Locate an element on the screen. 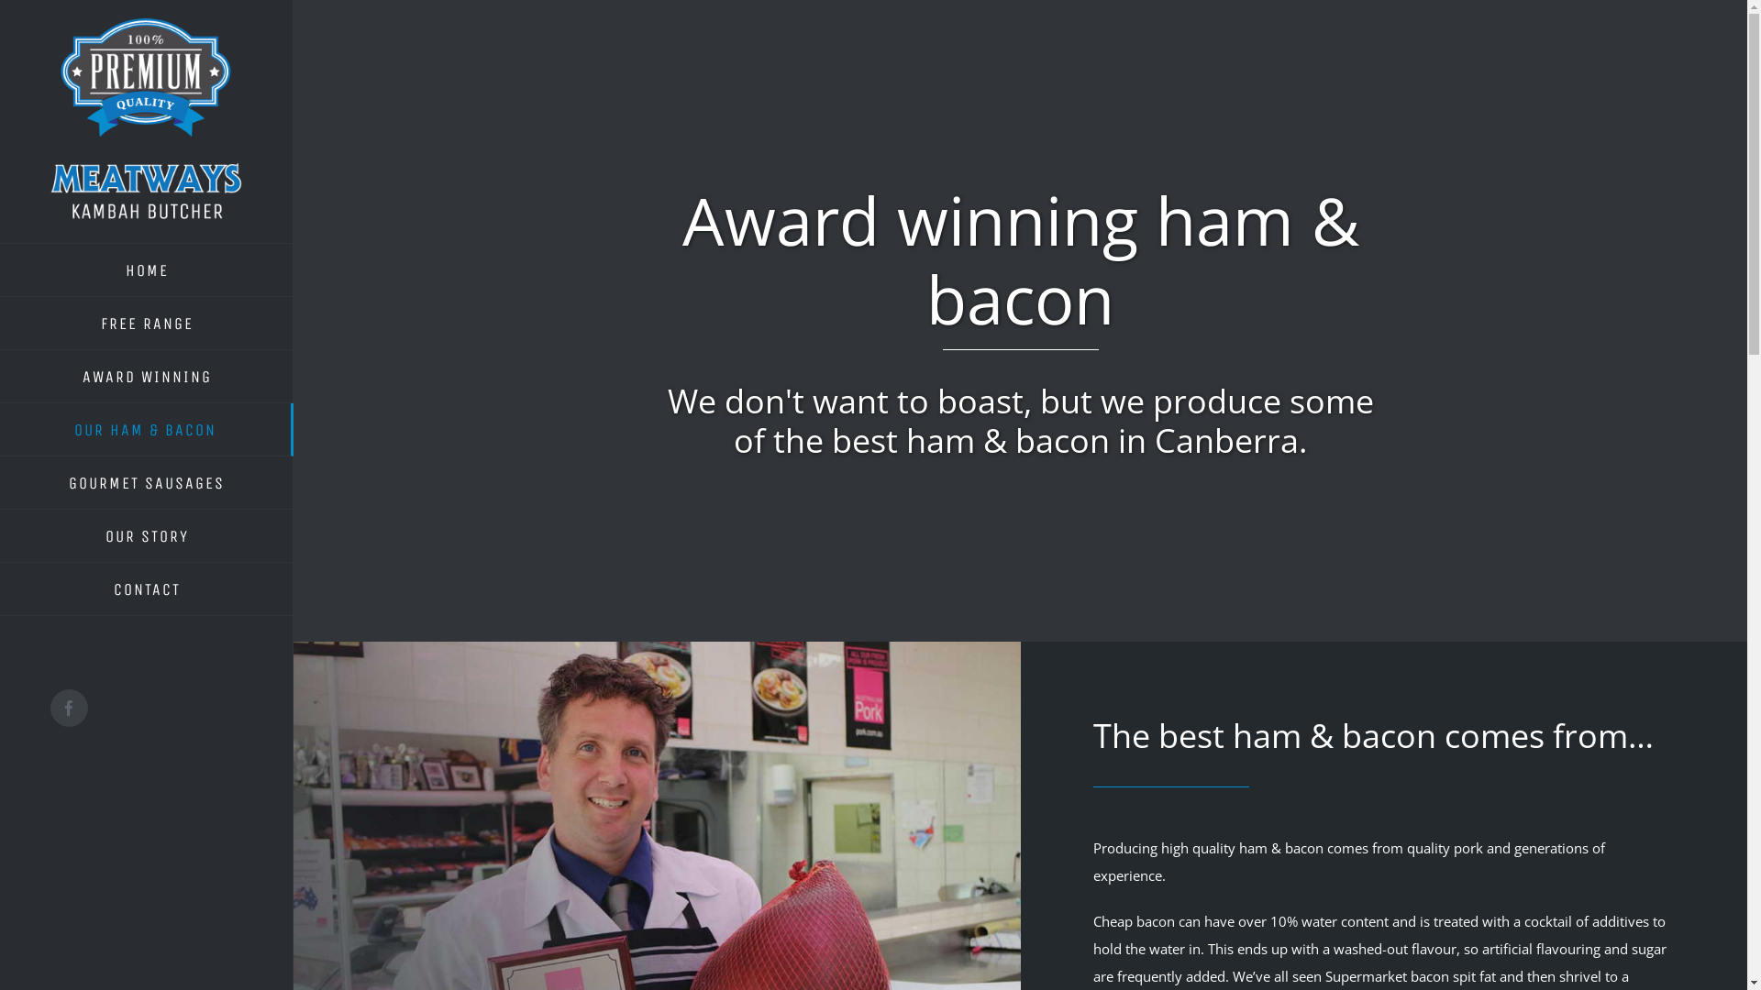  'AWARD WINNING' is located at coordinates (145, 376).